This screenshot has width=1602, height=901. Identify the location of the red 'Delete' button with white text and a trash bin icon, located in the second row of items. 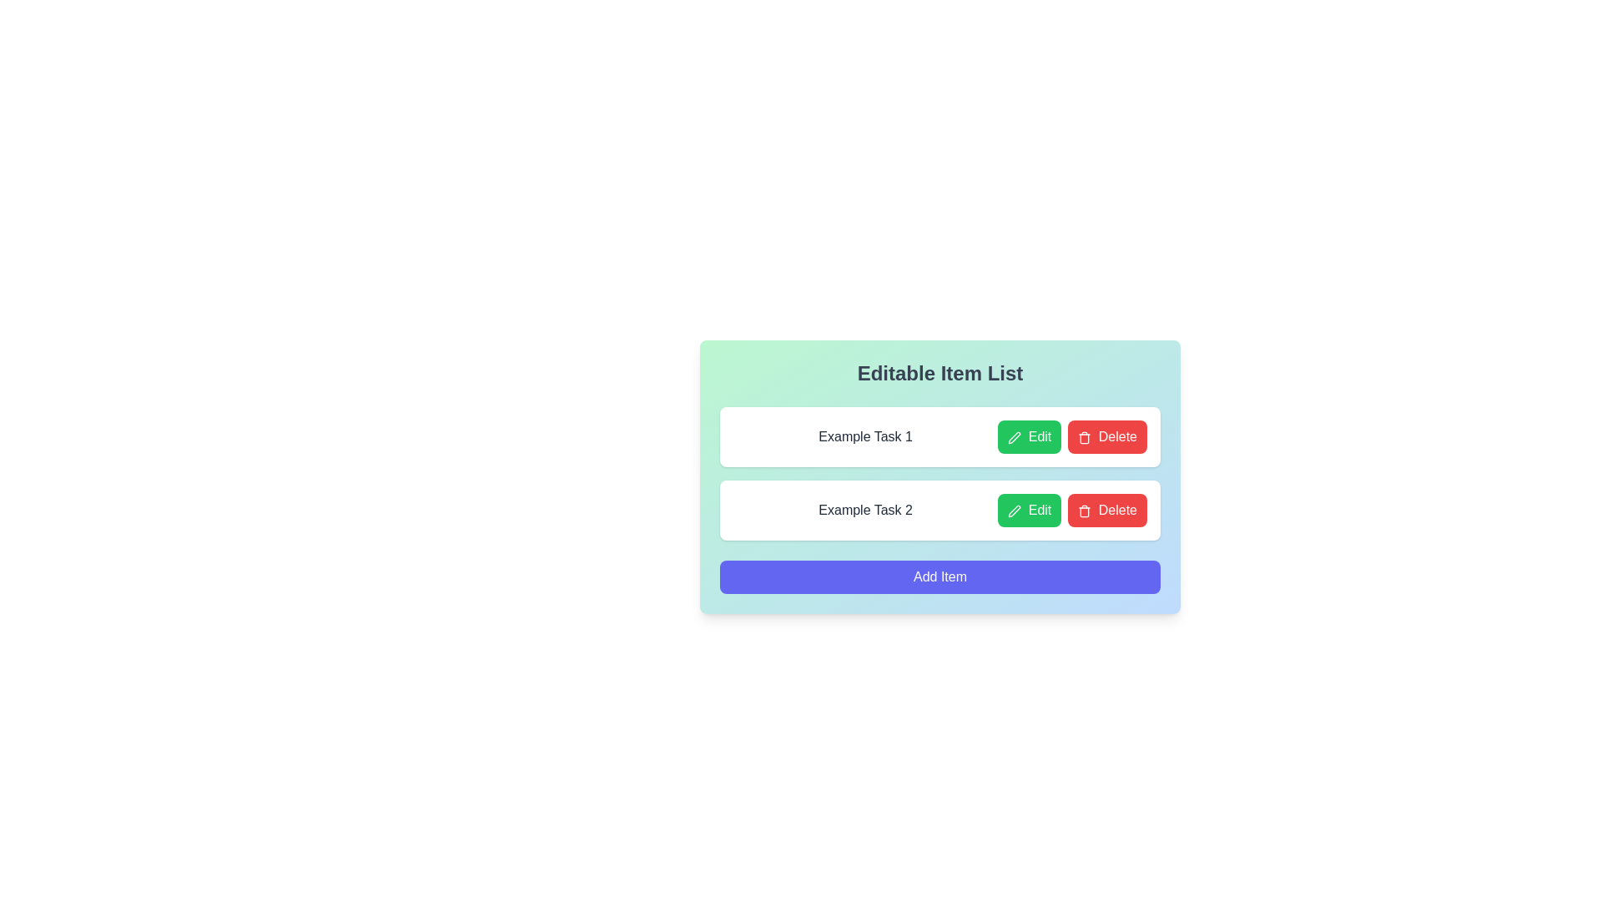
(1107, 510).